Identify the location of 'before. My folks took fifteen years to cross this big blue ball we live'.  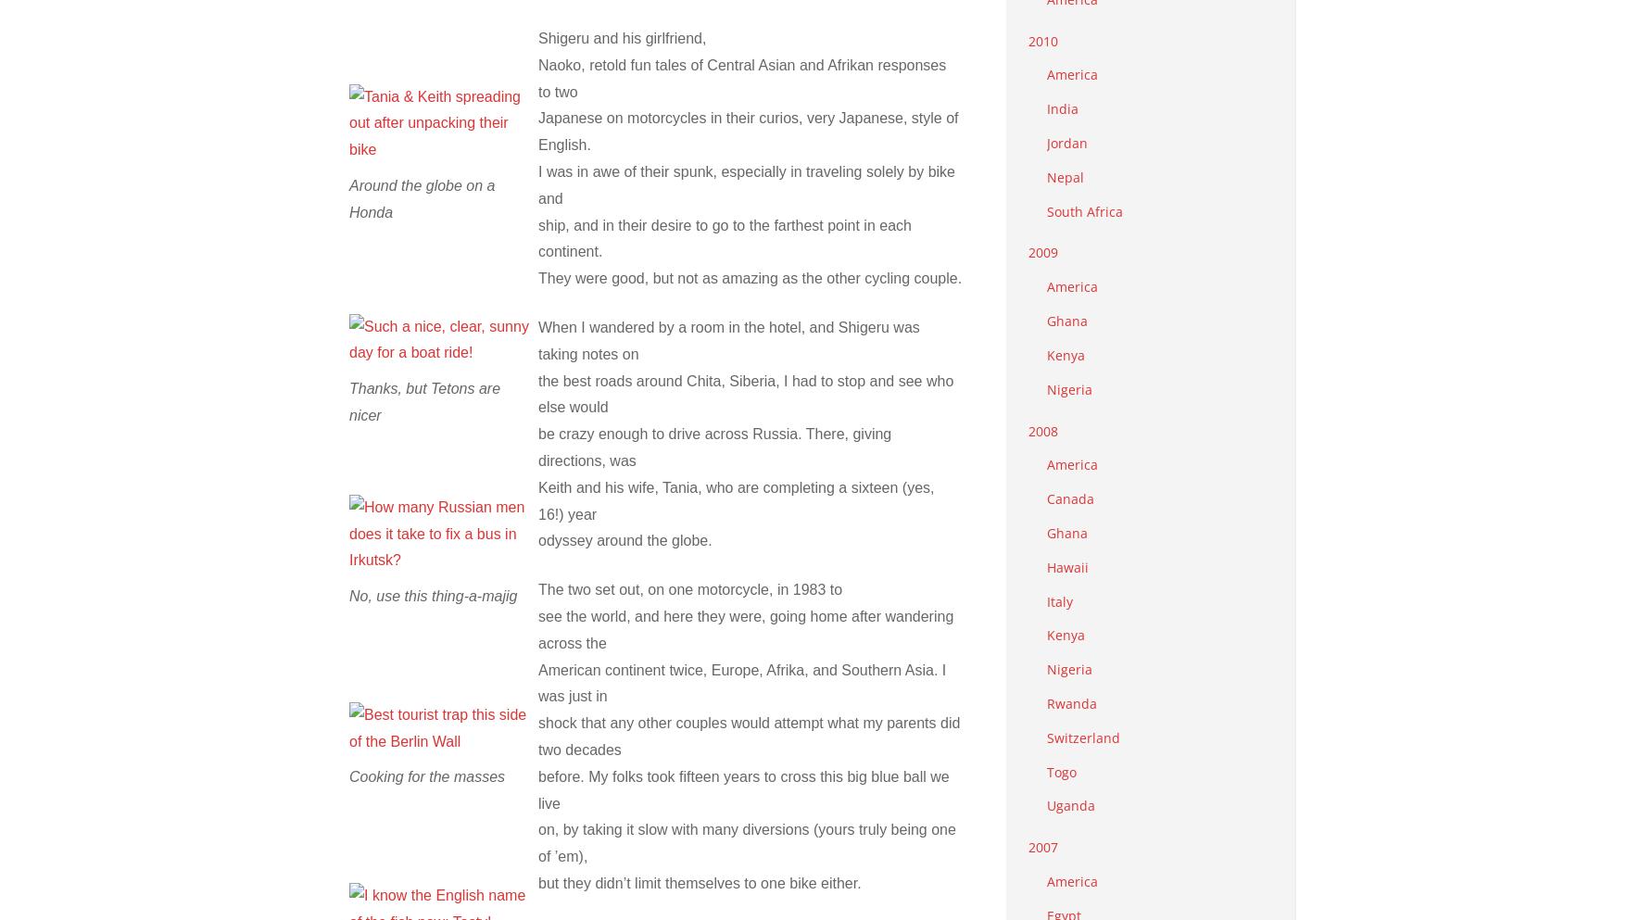
(743, 788).